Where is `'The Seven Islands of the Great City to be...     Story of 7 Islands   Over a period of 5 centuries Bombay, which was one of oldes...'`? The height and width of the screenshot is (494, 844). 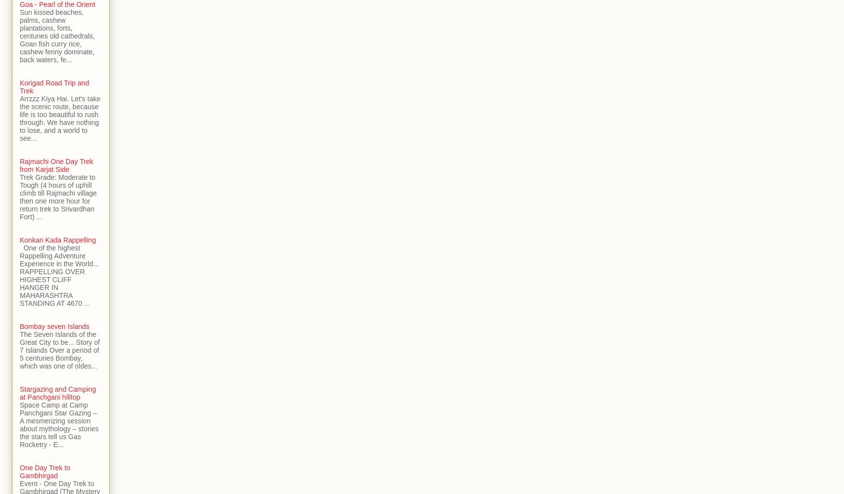
'The Seven Islands of the Great City to be...     Story of 7 Islands   Over a period of 5 centuries Bombay, which was one of oldes...' is located at coordinates (59, 350).